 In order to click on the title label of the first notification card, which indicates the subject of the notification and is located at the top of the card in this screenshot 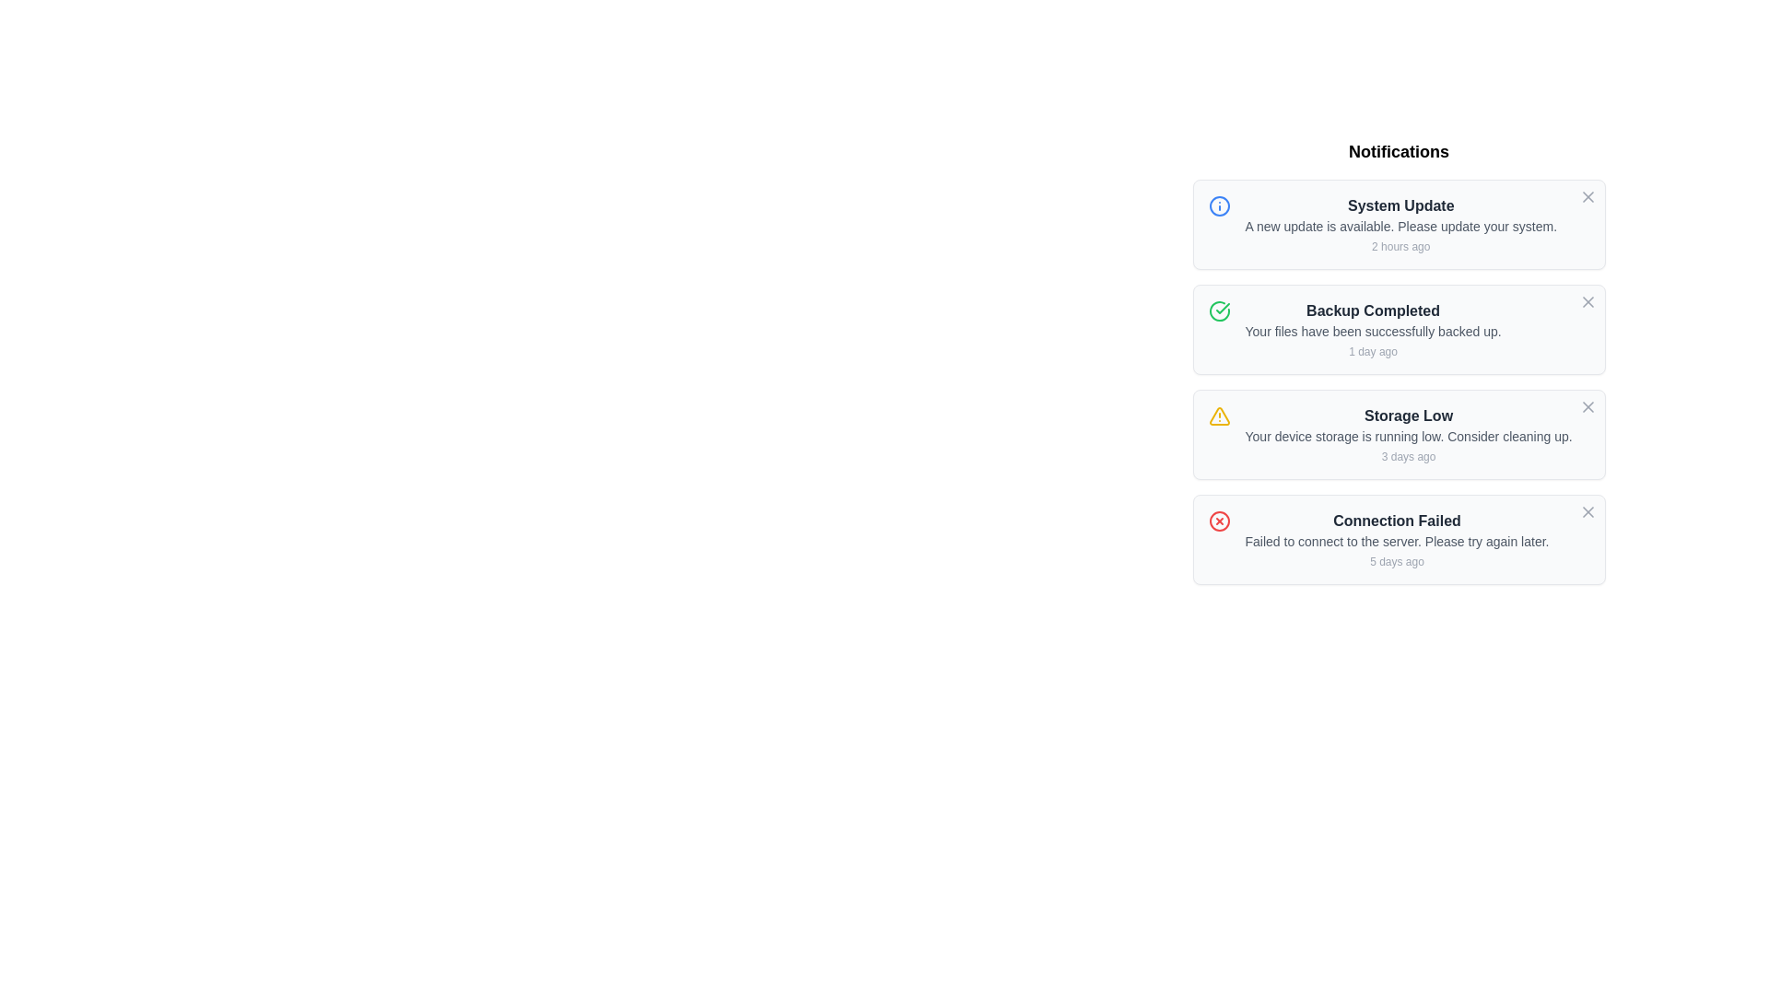, I will do `click(1400, 205)`.